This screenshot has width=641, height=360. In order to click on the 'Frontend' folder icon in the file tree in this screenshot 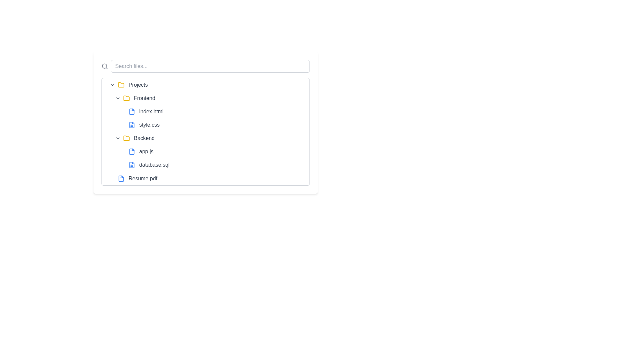, I will do `click(127, 98)`.